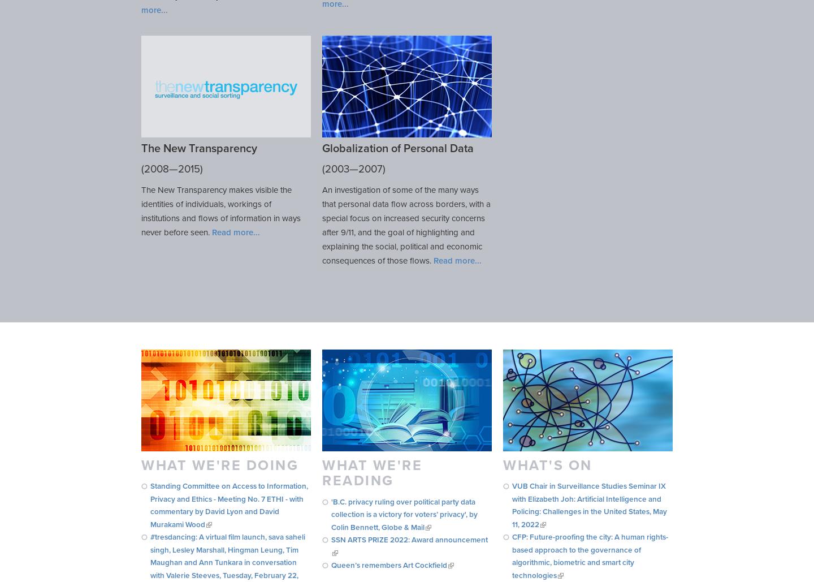 This screenshot has width=814, height=582. Describe the element at coordinates (406, 224) in the screenshot. I see `'An investigation of some of the many ways that personal data flow across borders, with a special focus on increased security concerns after 9/11, and the goal of highlighting and explaining the social, political and economic consequences of those flows.'` at that location.